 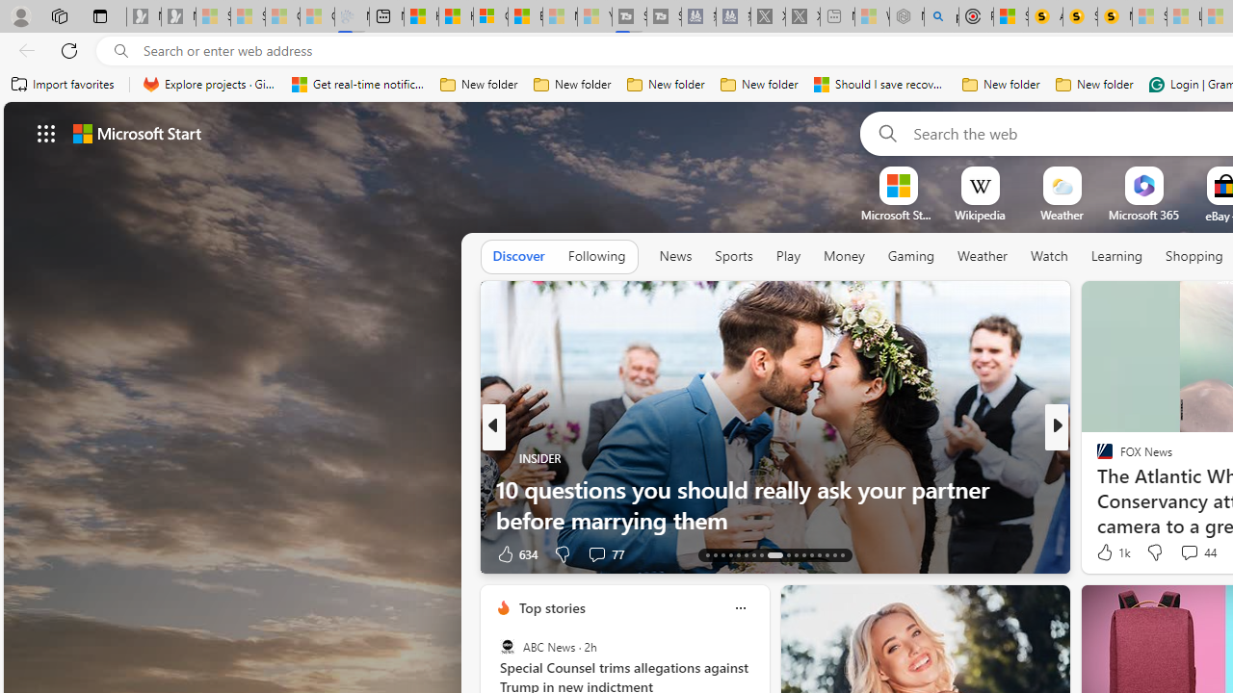 What do you see at coordinates (1183, 553) in the screenshot?
I see `'View comments 5 Comment'` at bounding box center [1183, 553].